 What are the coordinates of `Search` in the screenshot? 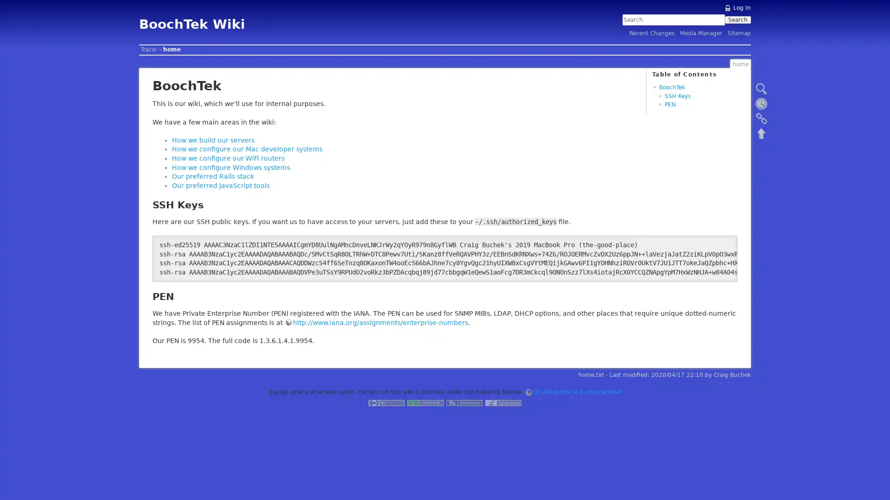 It's located at (737, 19).